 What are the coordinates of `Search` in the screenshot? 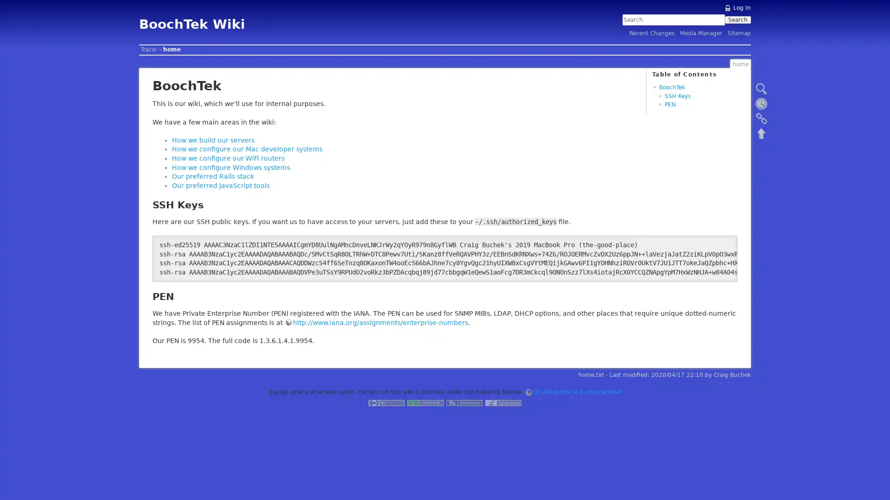 It's located at (737, 19).